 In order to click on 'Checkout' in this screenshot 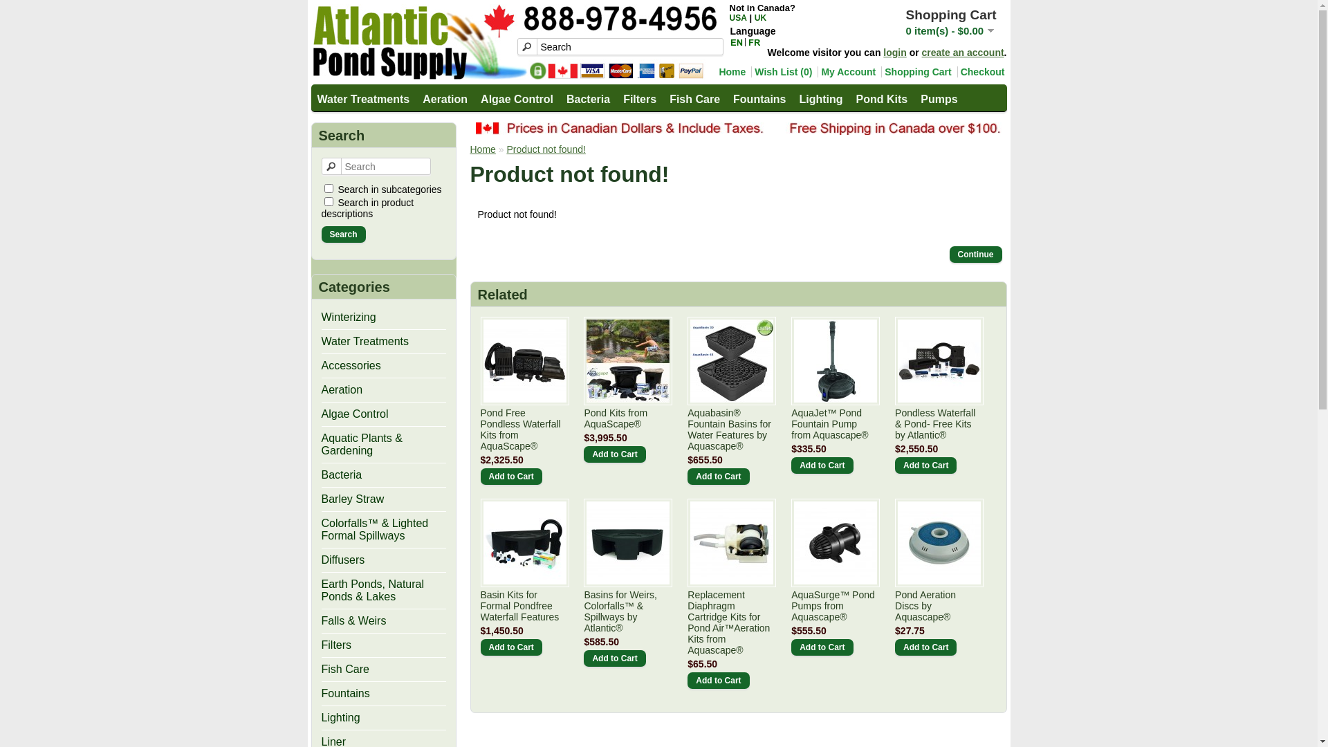, I will do `click(980, 72)`.